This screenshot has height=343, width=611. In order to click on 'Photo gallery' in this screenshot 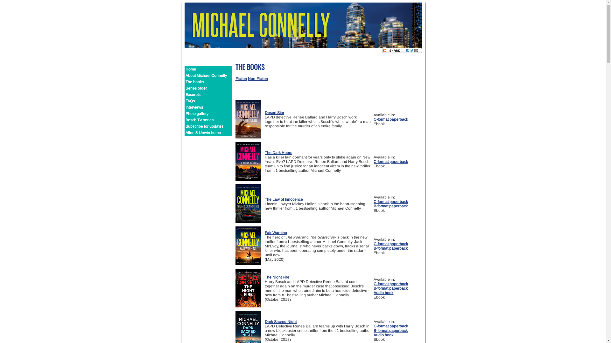, I will do `click(208, 113)`.